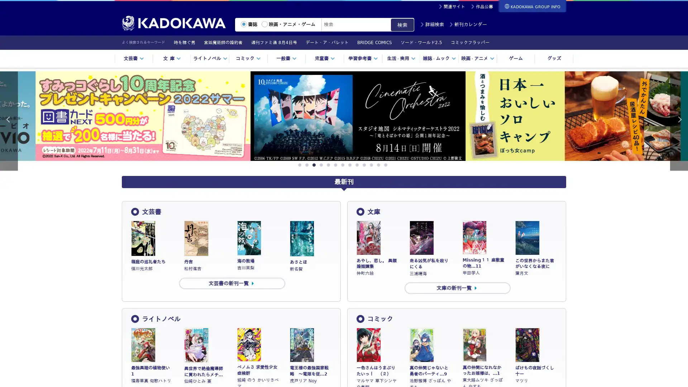 The image size is (688, 387). I want to click on 1, so click(301, 165).